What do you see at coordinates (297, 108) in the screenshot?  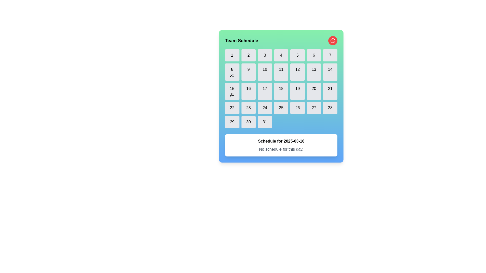 I see `the text label displaying the number '26' in bold black font, located in the sixth column and fourth row of the calendar grid` at bounding box center [297, 108].